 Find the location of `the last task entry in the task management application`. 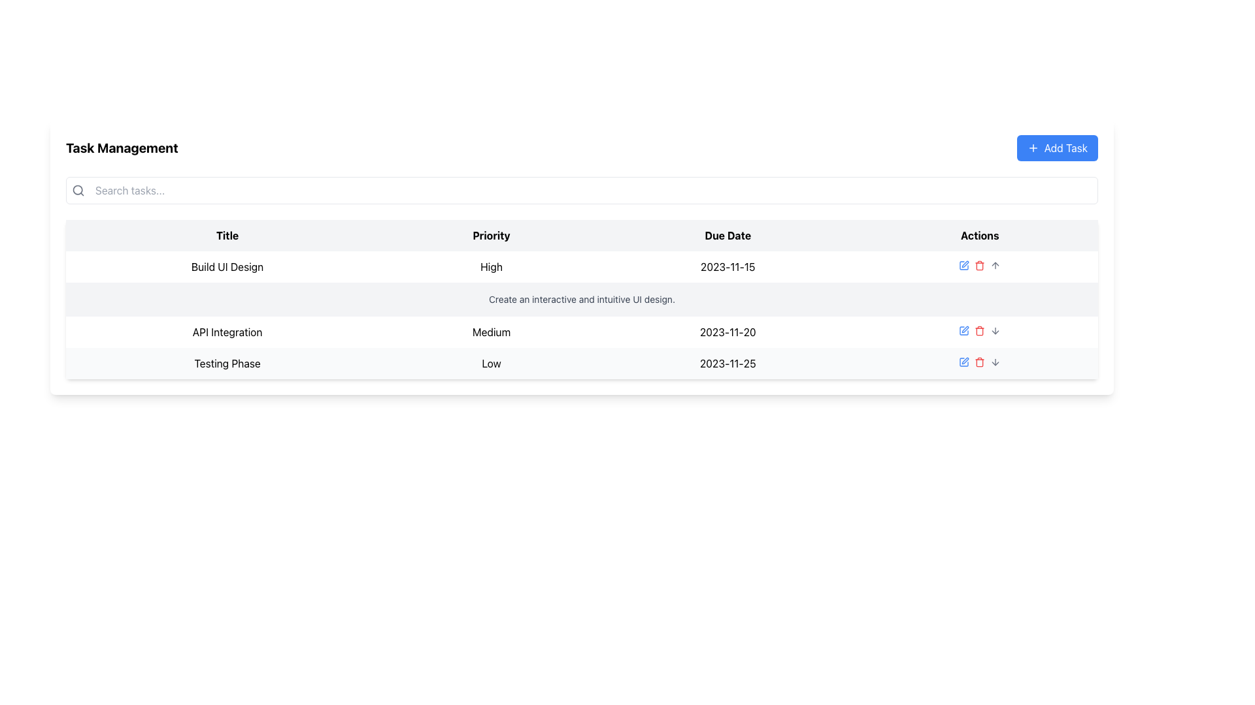

the last task entry in the task management application is located at coordinates (581, 363).